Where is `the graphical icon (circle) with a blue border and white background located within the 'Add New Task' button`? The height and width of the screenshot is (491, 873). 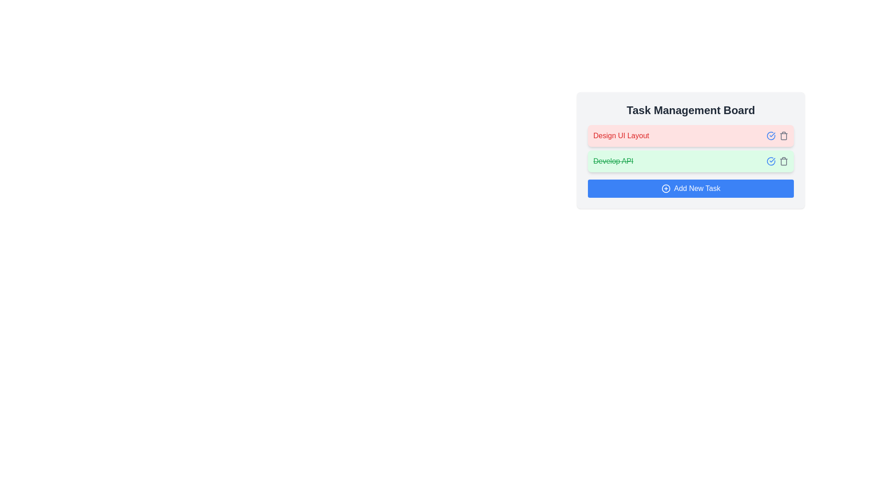 the graphical icon (circle) with a blue border and white background located within the 'Add New Task' button is located at coordinates (666, 188).